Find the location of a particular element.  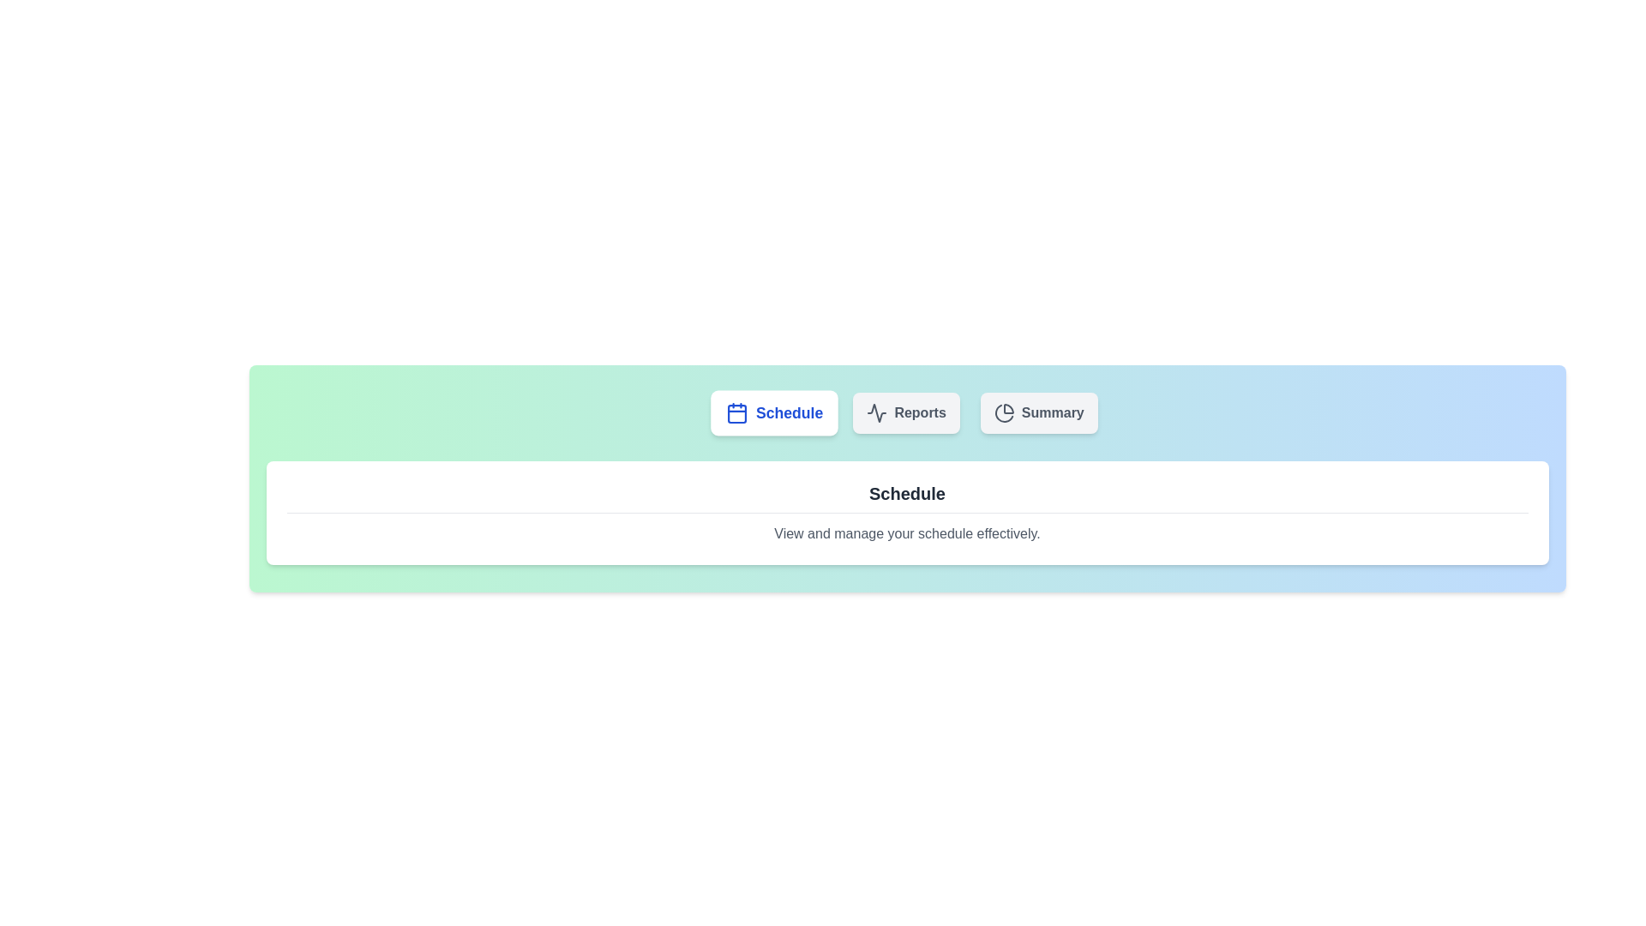

the tab labeled Summary to observe its interaction effect is located at coordinates (1038, 413).